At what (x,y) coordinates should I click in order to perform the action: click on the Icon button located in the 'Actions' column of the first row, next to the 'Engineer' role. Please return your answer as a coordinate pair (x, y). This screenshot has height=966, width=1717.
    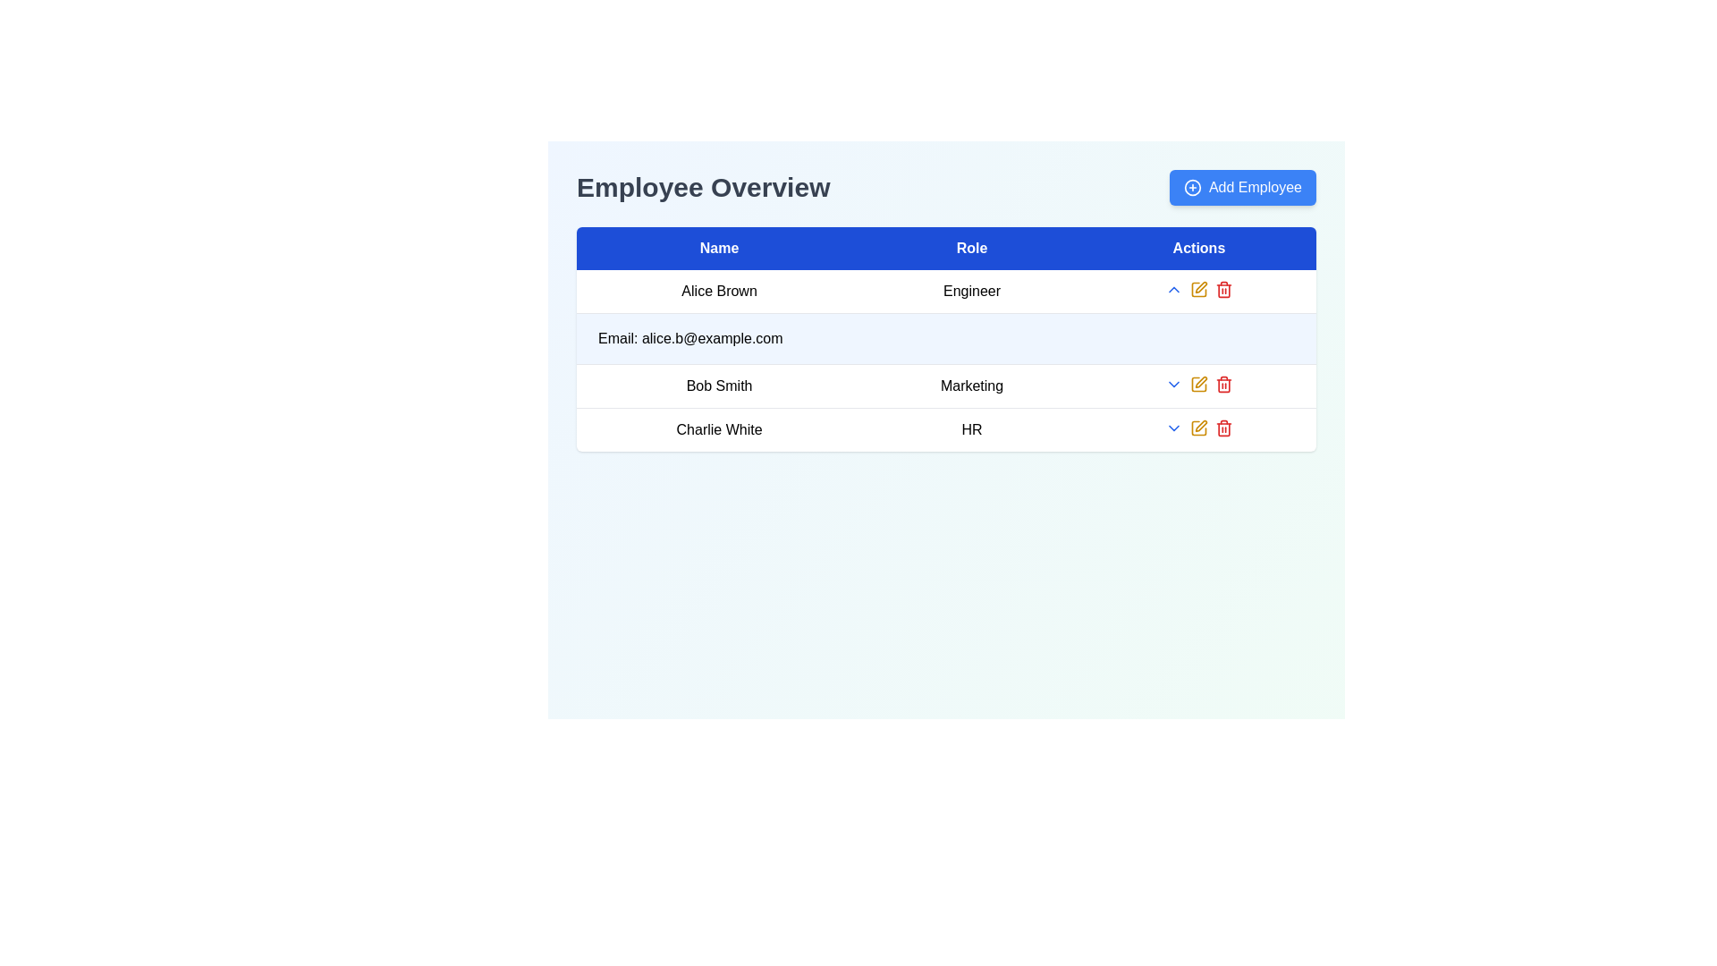
    Looking at the image, I should click on (1173, 289).